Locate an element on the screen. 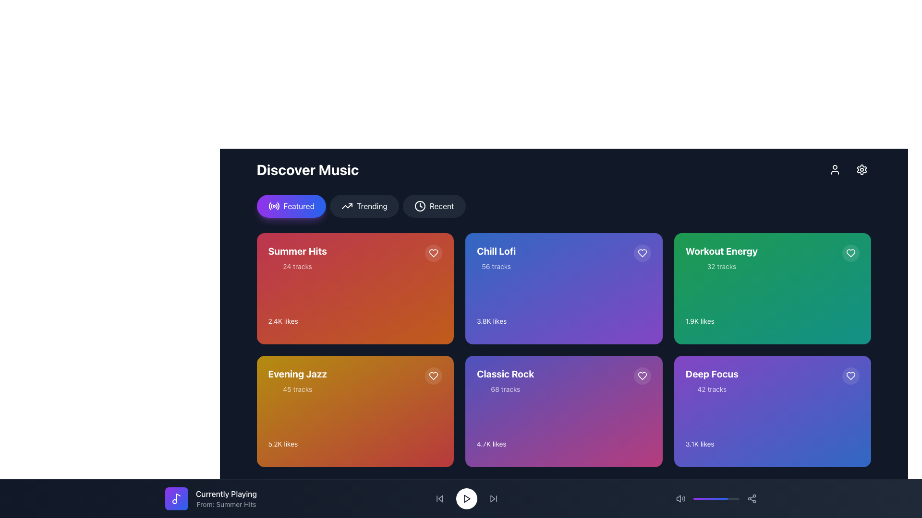 The width and height of the screenshot is (922, 518). the play button located in the bottom-right corner of the 'Evening Jazz' media card is located at coordinates (430, 459).